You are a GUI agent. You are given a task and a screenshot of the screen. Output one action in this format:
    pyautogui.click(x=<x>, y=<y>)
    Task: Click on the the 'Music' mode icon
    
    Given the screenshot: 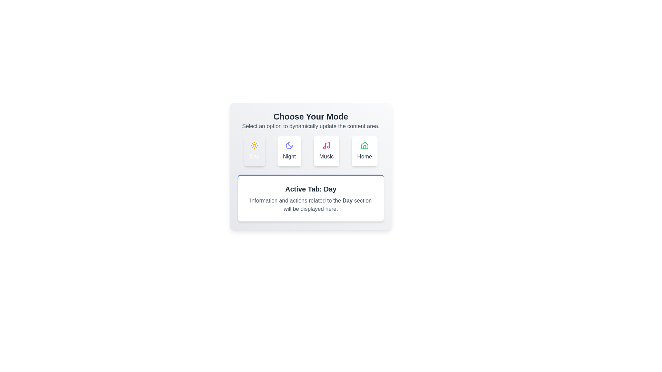 What is the action you would take?
    pyautogui.click(x=326, y=145)
    